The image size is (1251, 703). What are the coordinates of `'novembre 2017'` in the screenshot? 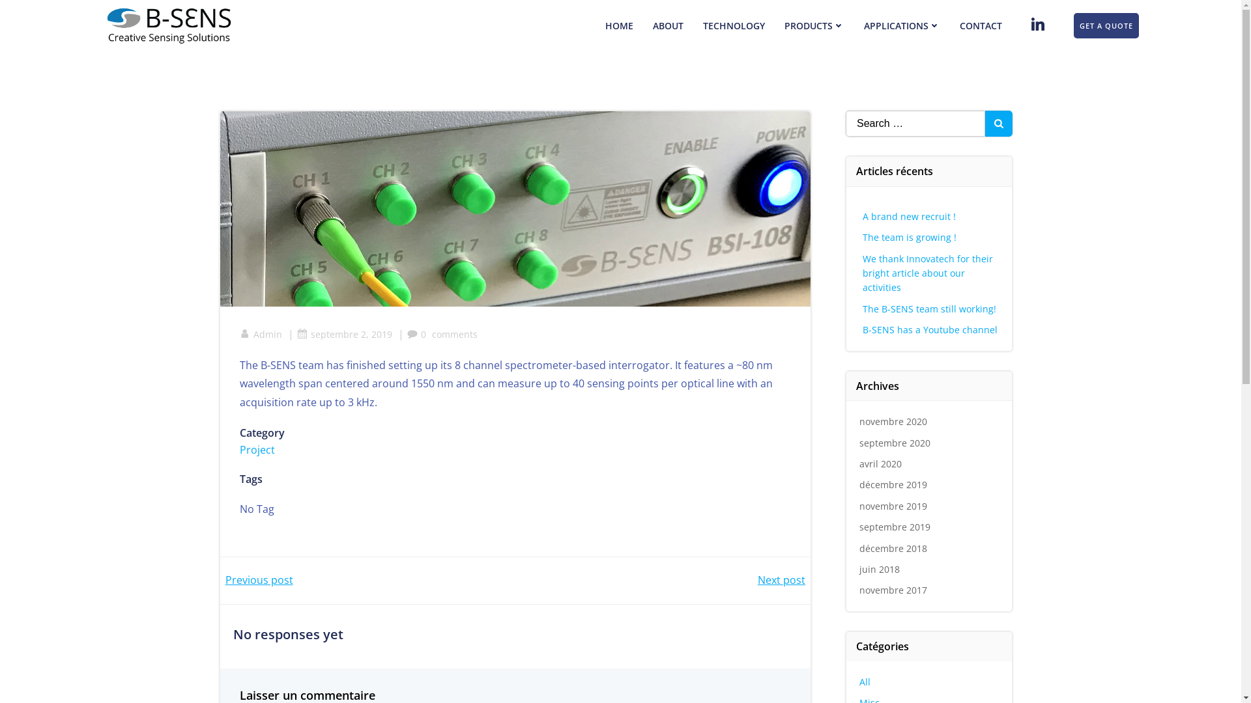 It's located at (893, 590).